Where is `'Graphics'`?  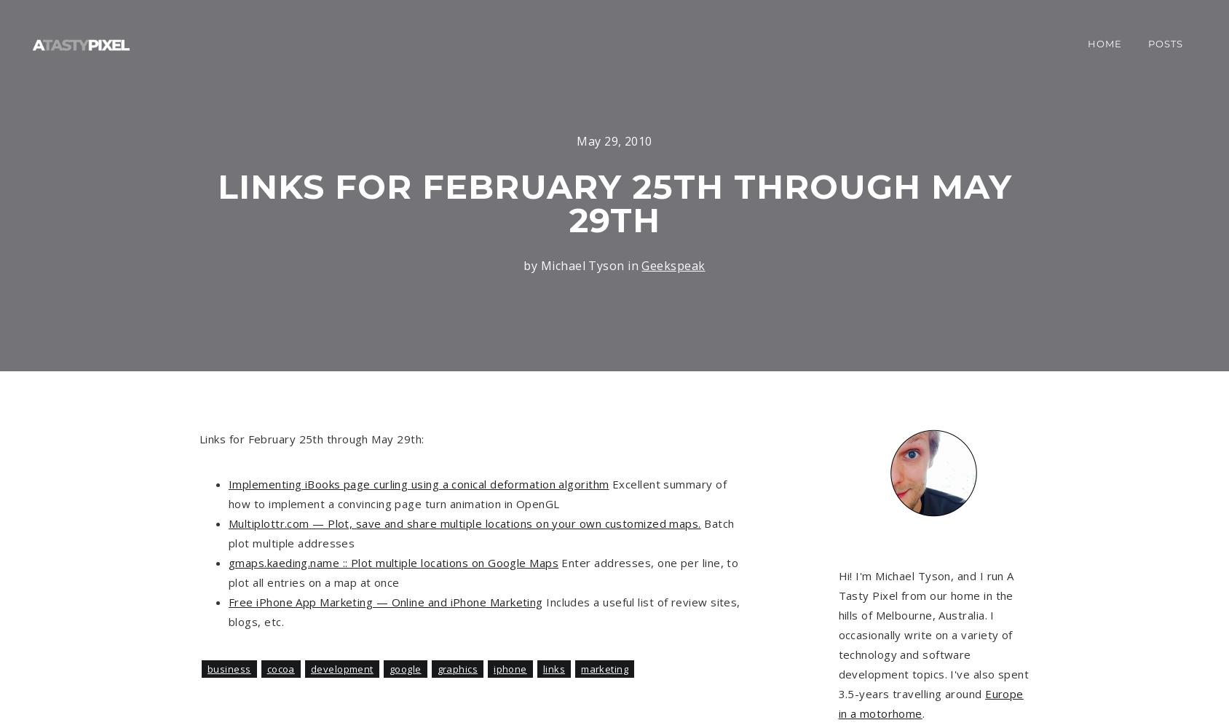 'Graphics' is located at coordinates (457, 669).